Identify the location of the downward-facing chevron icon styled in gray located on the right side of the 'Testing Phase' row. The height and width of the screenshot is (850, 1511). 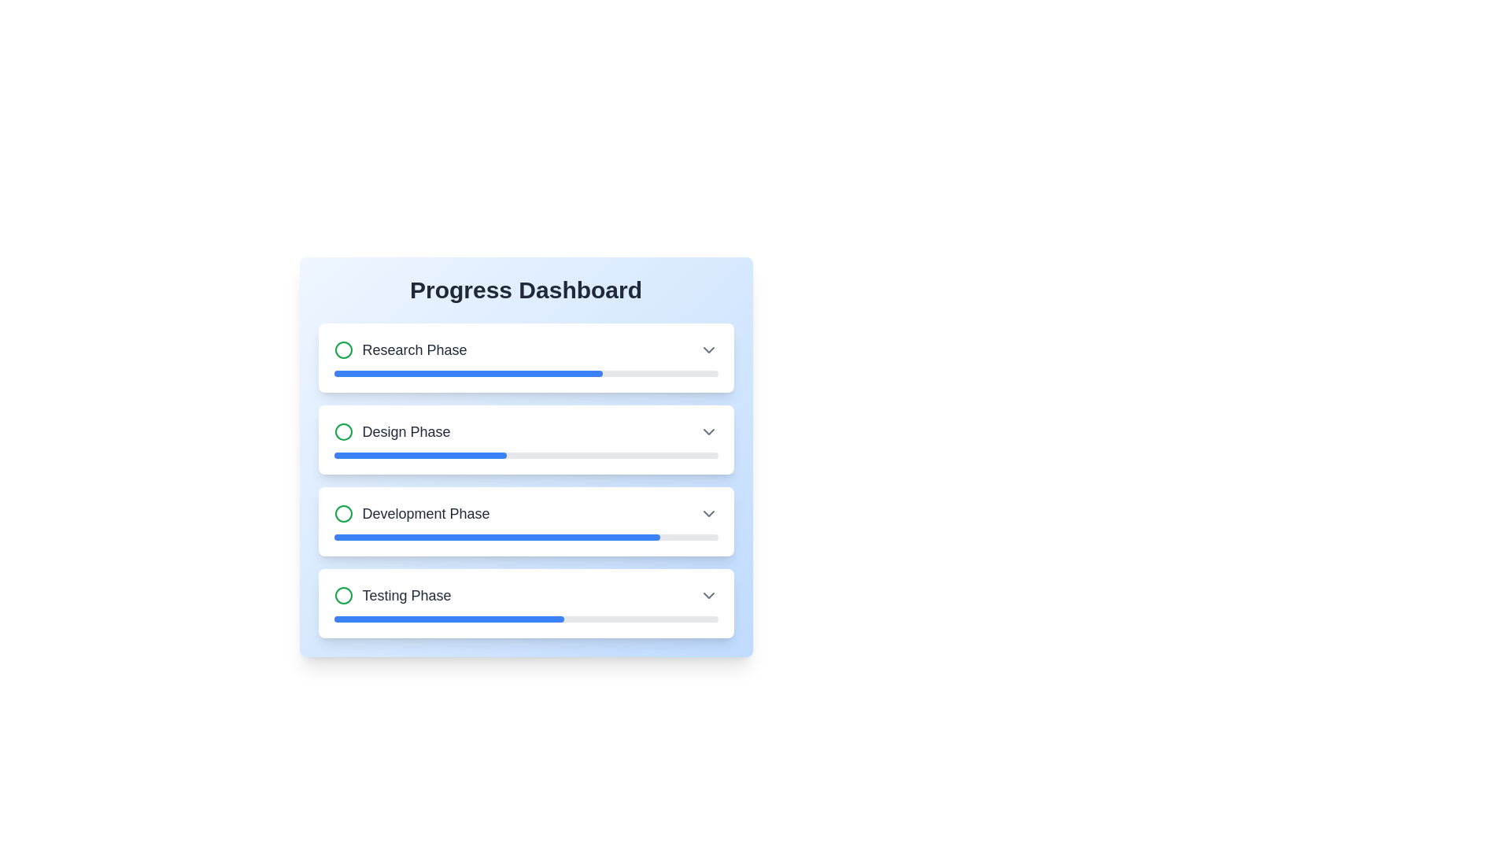
(707, 595).